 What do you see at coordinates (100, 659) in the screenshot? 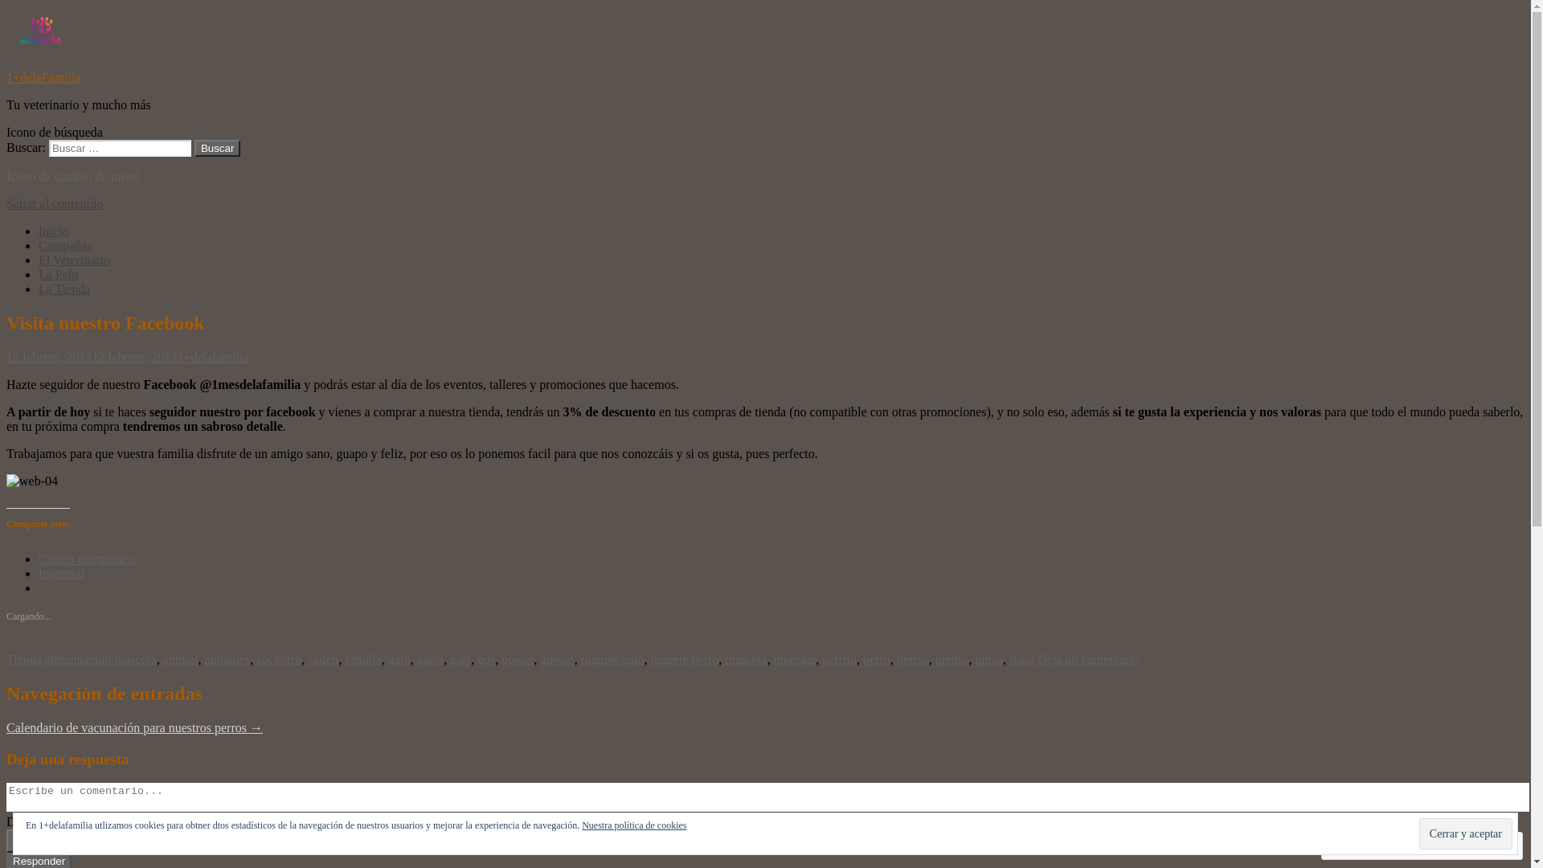
I see `'alimentacion mascota'` at bounding box center [100, 659].